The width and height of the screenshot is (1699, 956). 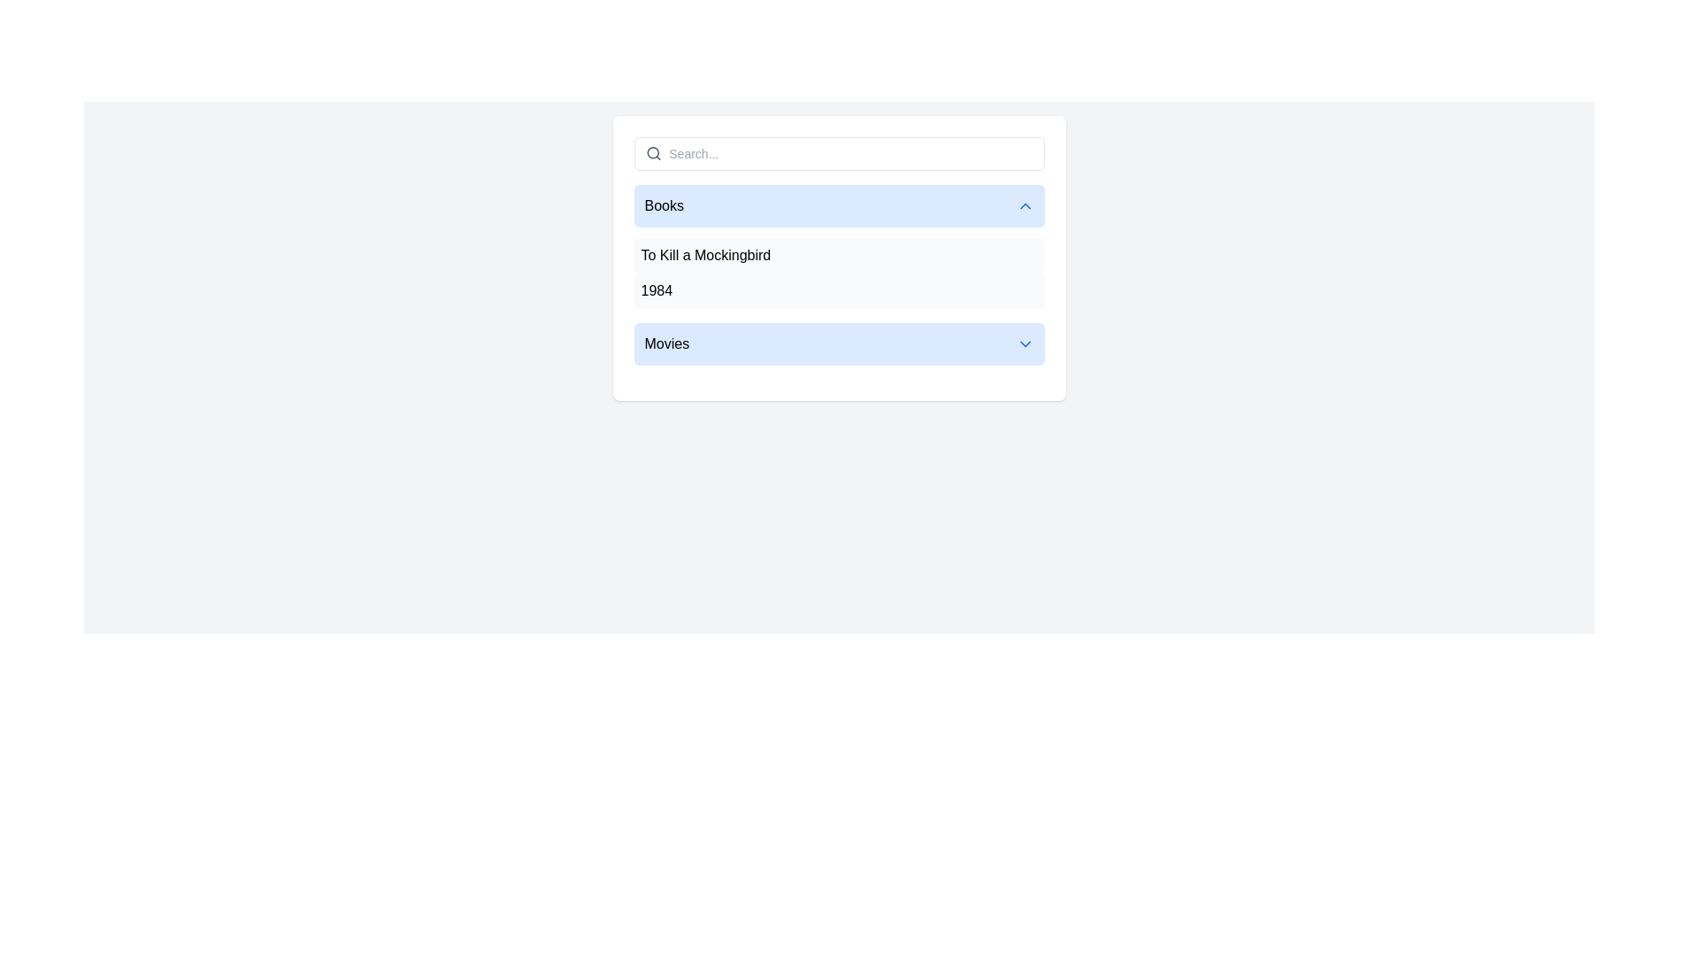 What do you see at coordinates (838, 289) in the screenshot?
I see `the second selectable option in the 'Books' dropdown list` at bounding box center [838, 289].